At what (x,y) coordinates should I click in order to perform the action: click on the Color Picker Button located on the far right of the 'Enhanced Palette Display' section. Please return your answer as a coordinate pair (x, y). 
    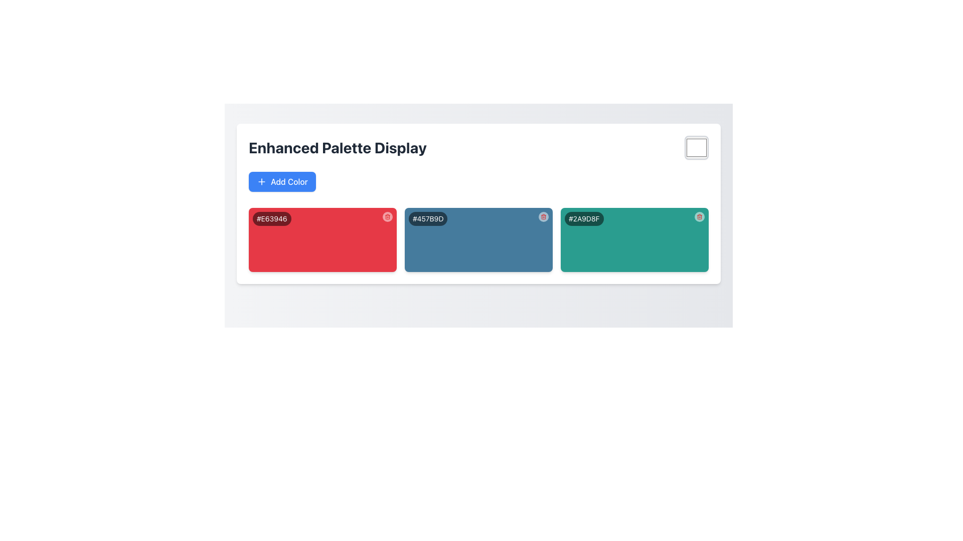
    Looking at the image, I should click on (696, 147).